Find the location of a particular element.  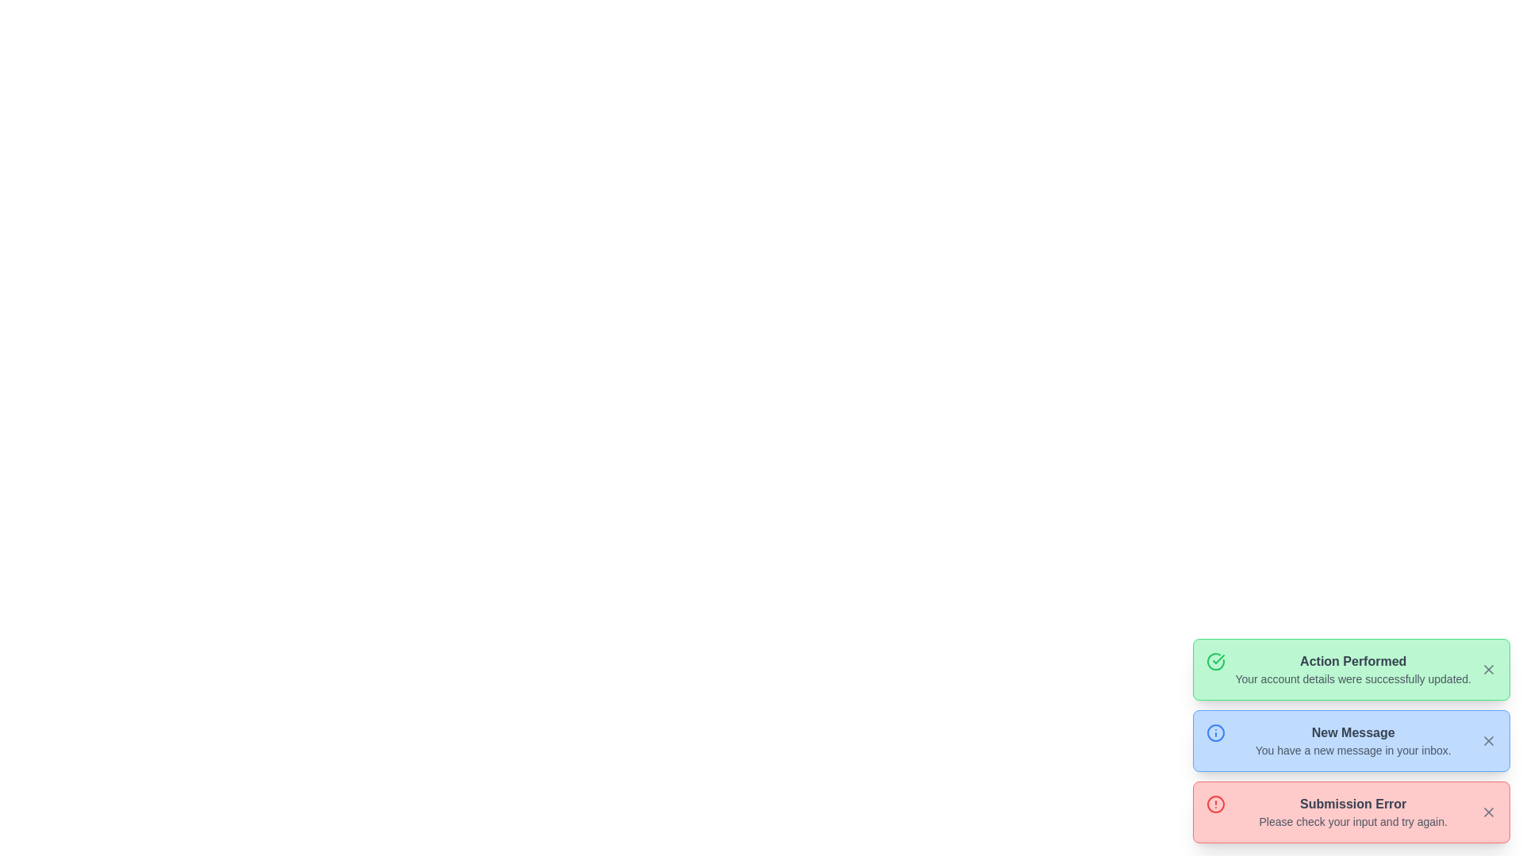

the Textual Information Block that displays 'New Message' with the message 'You have a new message in your inbox.' is located at coordinates (1352, 740).